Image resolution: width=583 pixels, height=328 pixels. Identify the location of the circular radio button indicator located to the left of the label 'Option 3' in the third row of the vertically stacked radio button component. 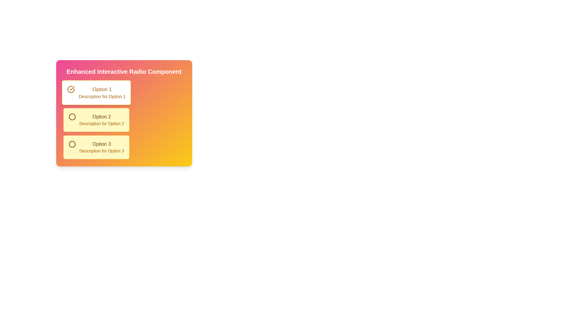
(72, 144).